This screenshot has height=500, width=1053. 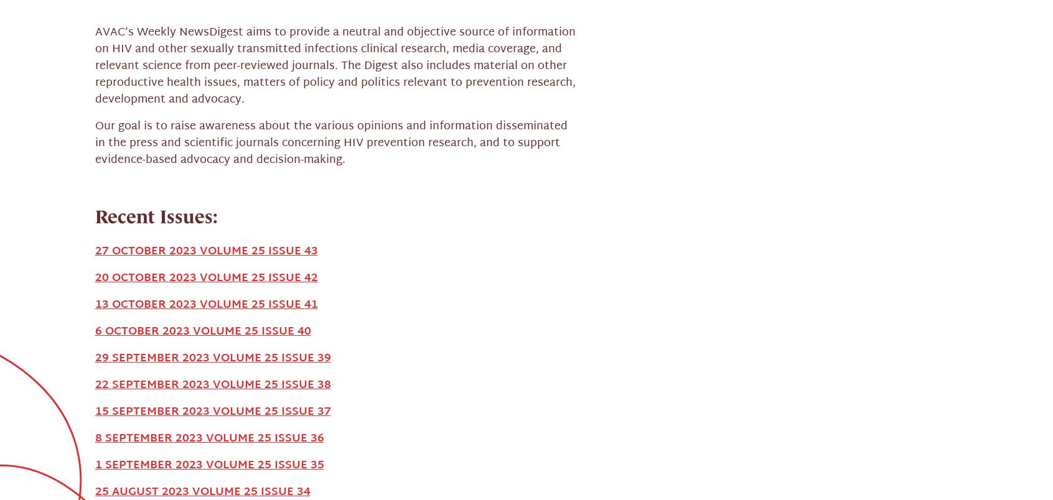 I want to click on 'Stay', so click(x=203, y=384).